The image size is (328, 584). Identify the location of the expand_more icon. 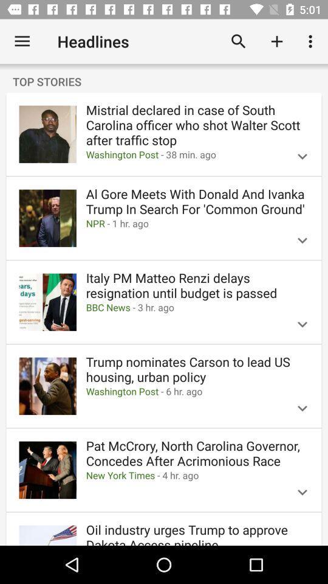
(301, 492).